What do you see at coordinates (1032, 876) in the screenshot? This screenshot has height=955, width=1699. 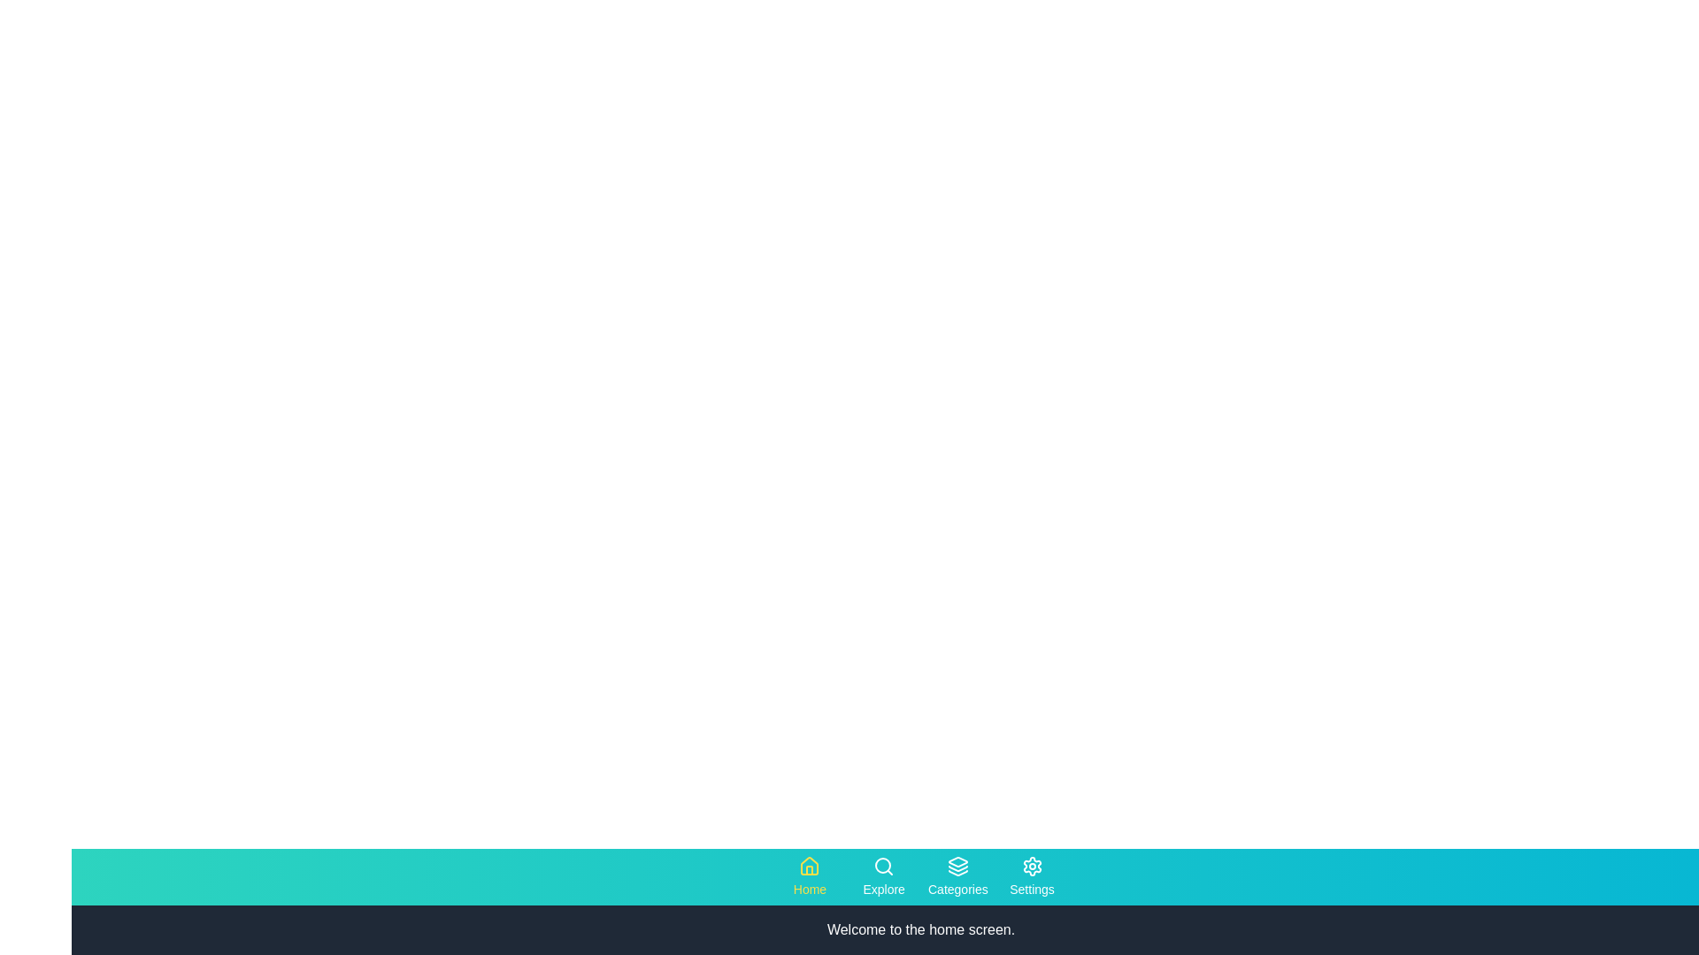 I see `the text of the tab labeled Settings` at bounding box center [1032, 876].